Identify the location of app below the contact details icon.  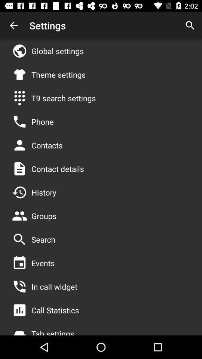
(44, 192).